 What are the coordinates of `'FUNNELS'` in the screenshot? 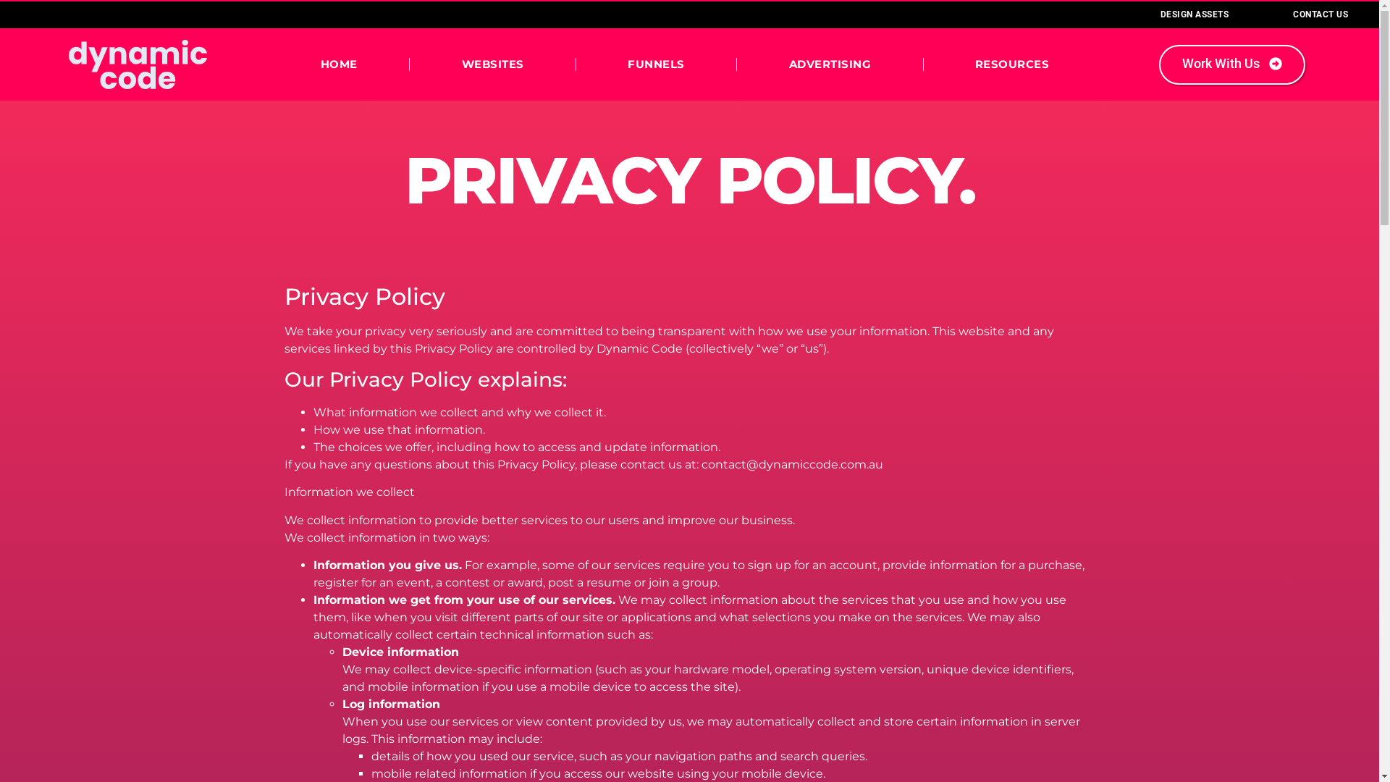 It's located at (656, 63).